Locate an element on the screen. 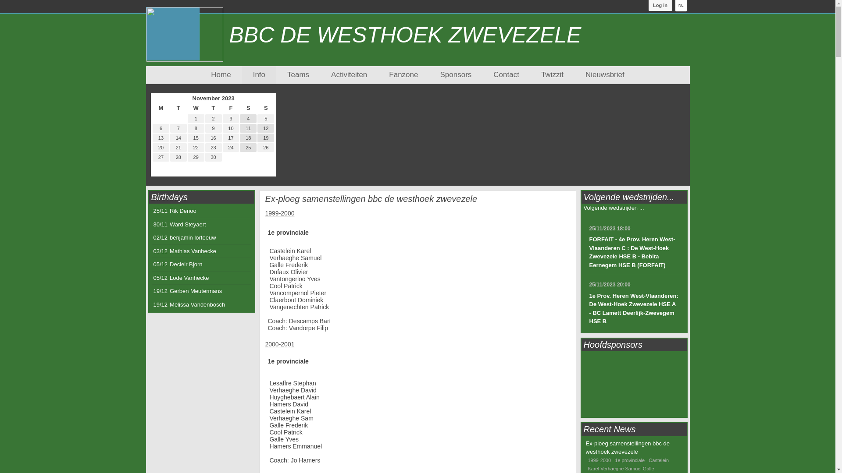  'Home' is located at coordinates (210, 74).